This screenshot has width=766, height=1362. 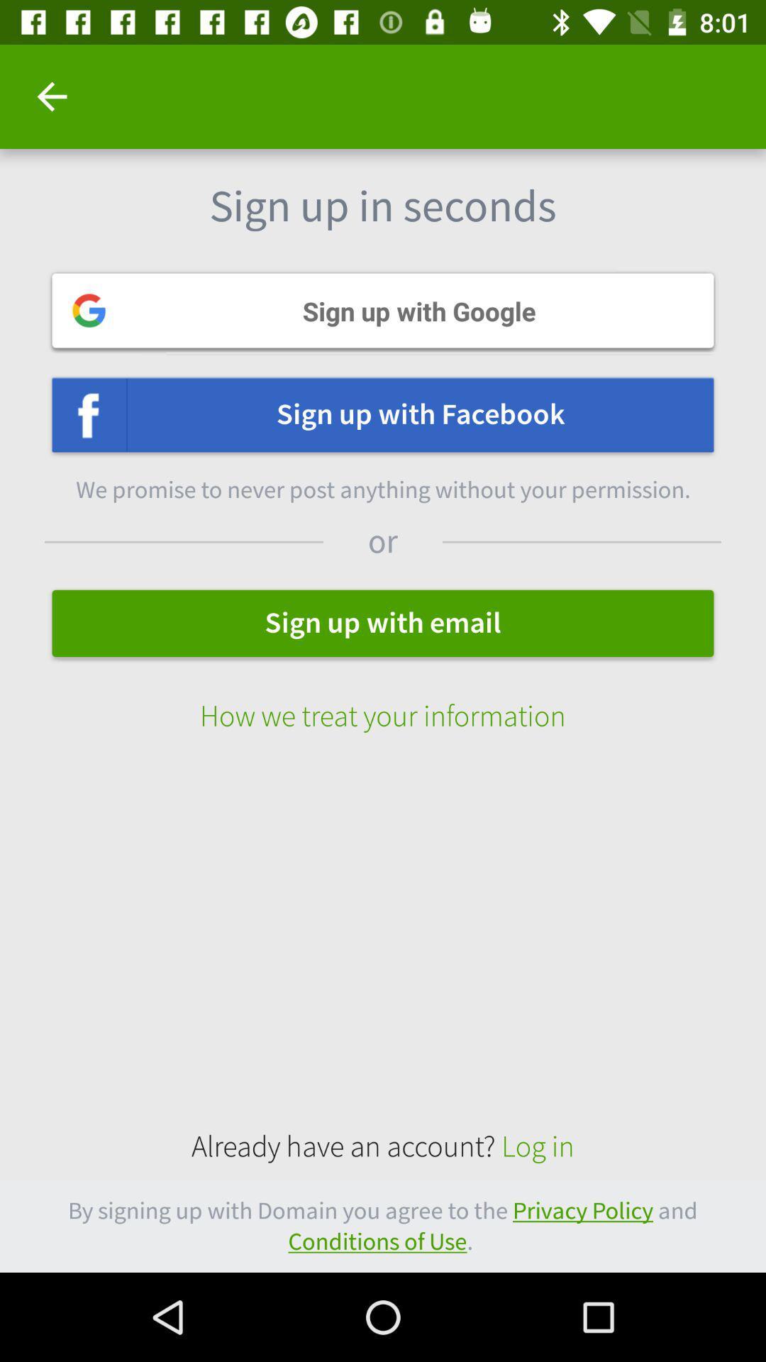 What do you see at coordinates (51, 96) in the screenshot?
I see `item above the sign up in item` at bounding box center [51, 96].